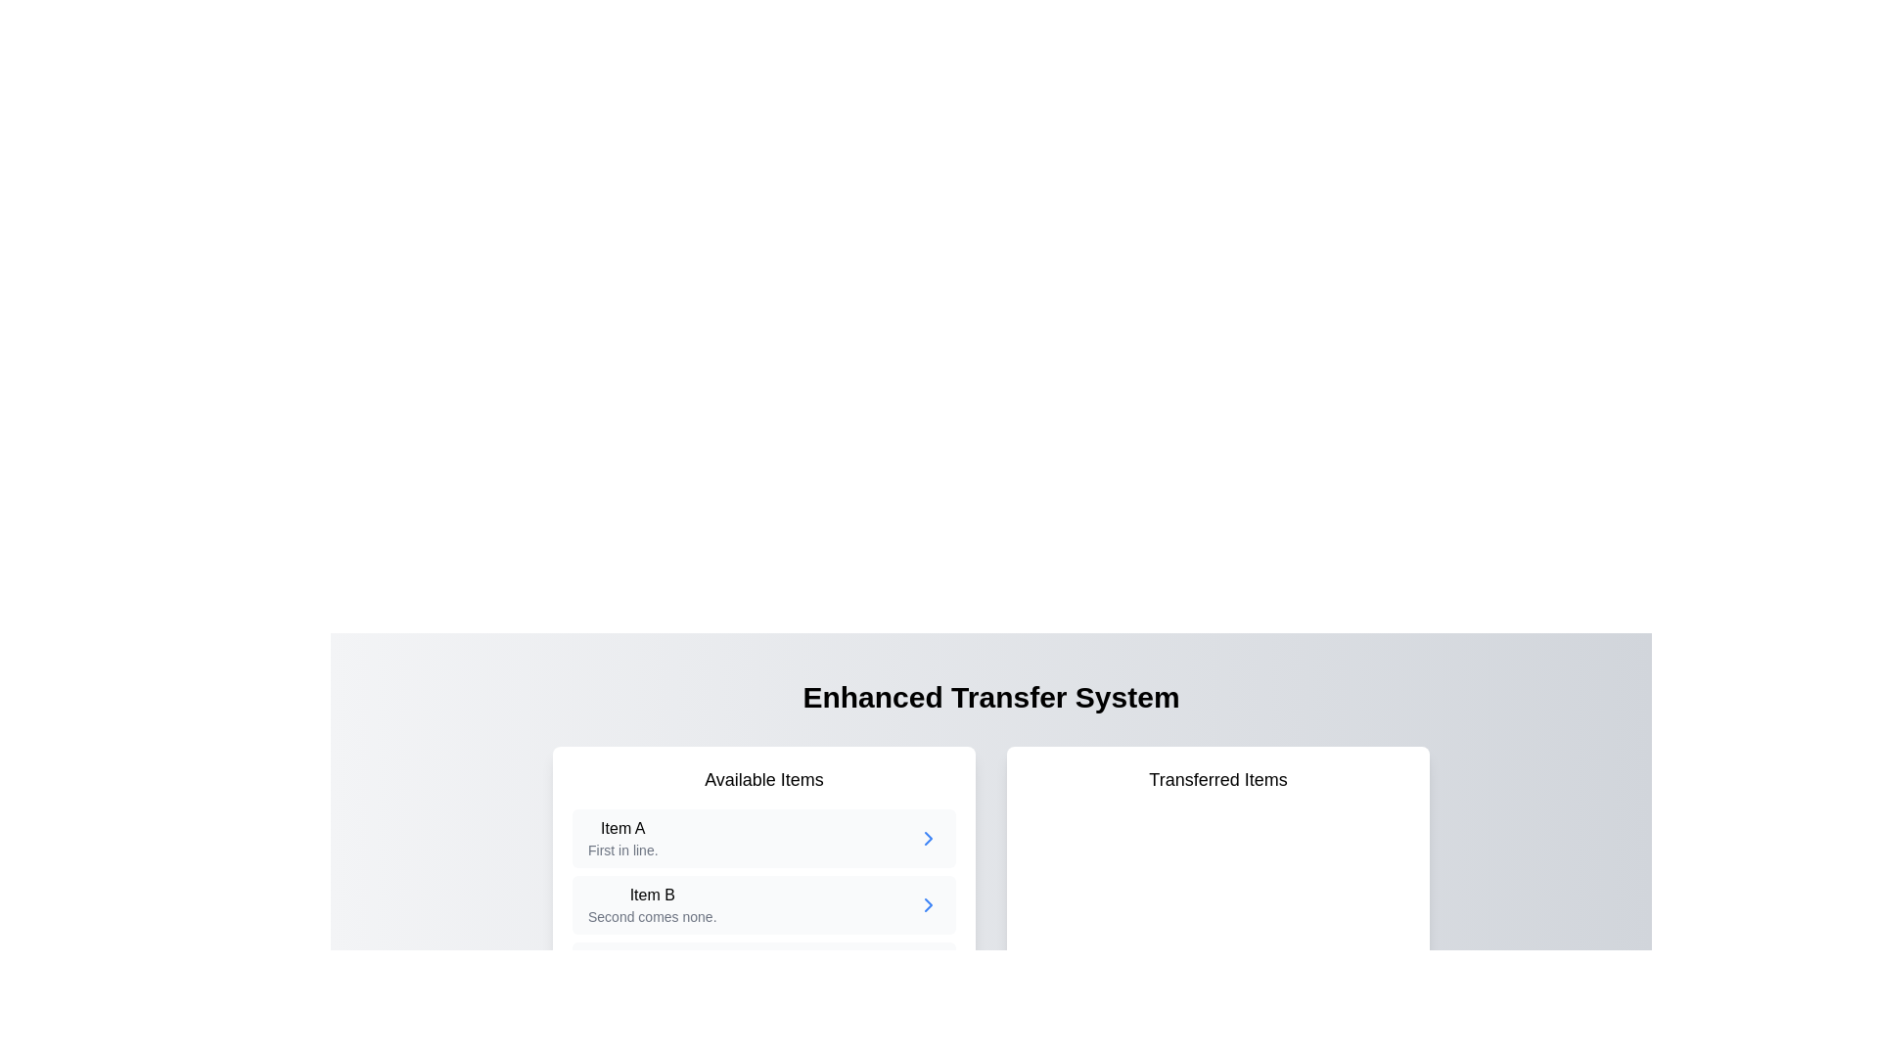 The width and height of the screenshot is (1879, 1057). What do you see at coordinates (652, 905) in the screenshot?
I see `the text description block displaying 'Item B' in bold and 'Second comes none.' in smaller gray font, which is the second item in the 'Available Items' section` at bounding box center [652, 905].